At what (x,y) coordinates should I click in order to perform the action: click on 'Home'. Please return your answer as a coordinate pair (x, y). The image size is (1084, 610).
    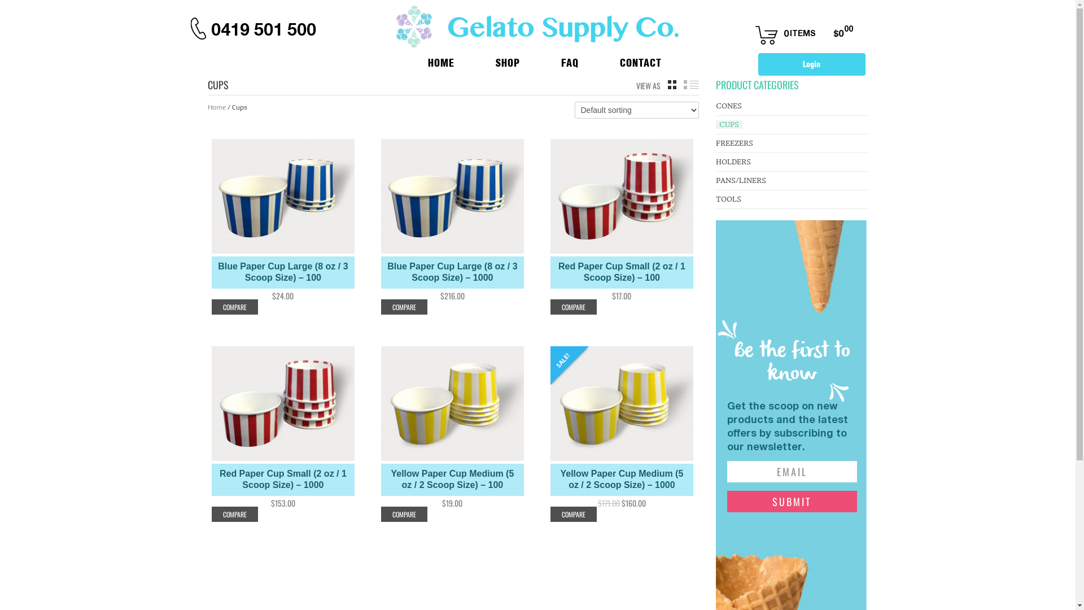
    Looking at the image, I should click on (208, 107).